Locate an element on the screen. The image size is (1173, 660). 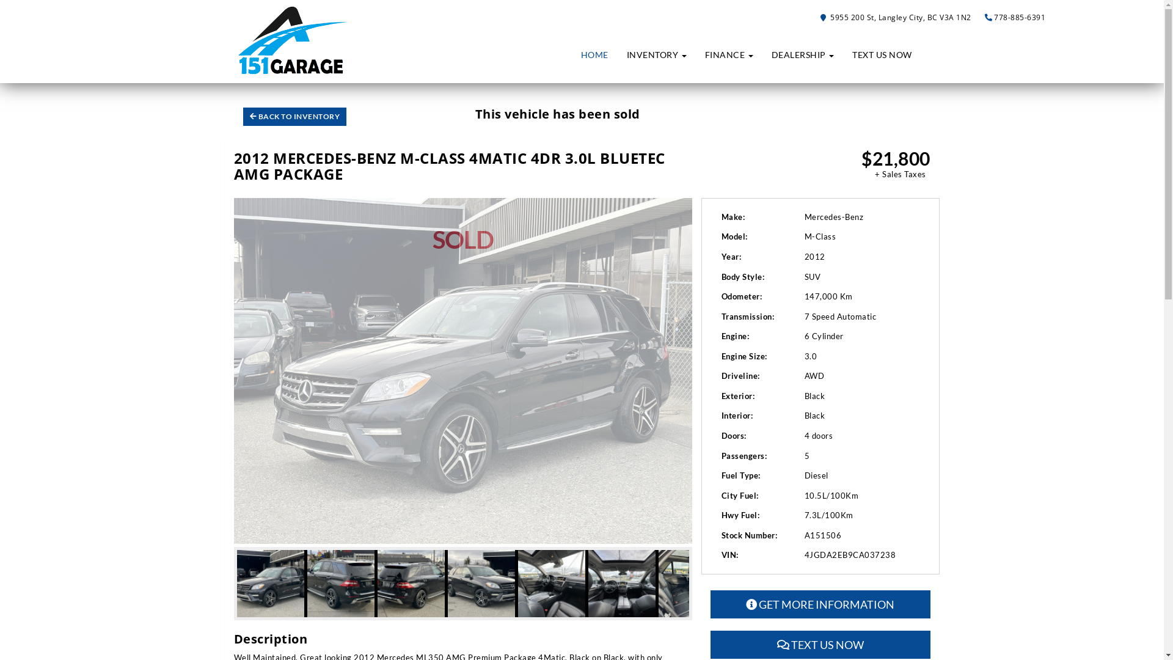
'HOME' is located at coordinates (594, 54).